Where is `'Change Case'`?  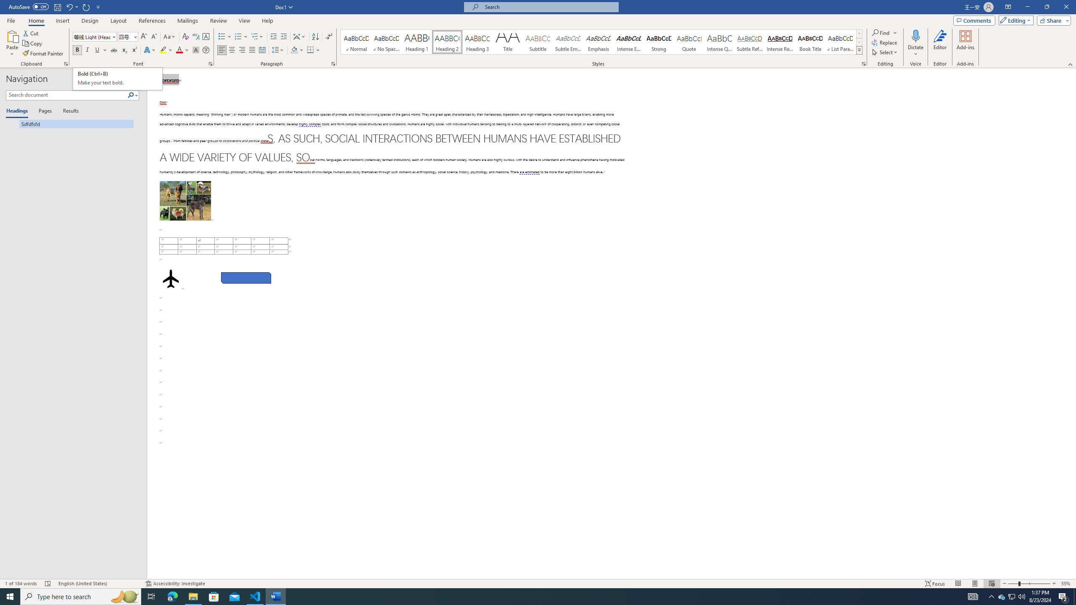
'Change Case' is located at coordinates (169, 37).